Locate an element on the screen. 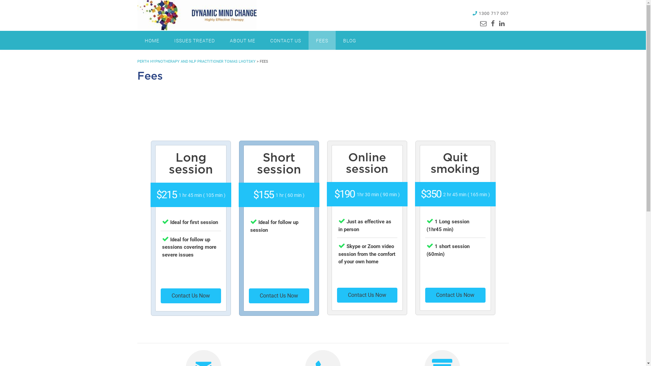 Image resolution: width=651 pixels, height=366 pixels. 'Contact Us Now' is located at coordinates (455, 295).